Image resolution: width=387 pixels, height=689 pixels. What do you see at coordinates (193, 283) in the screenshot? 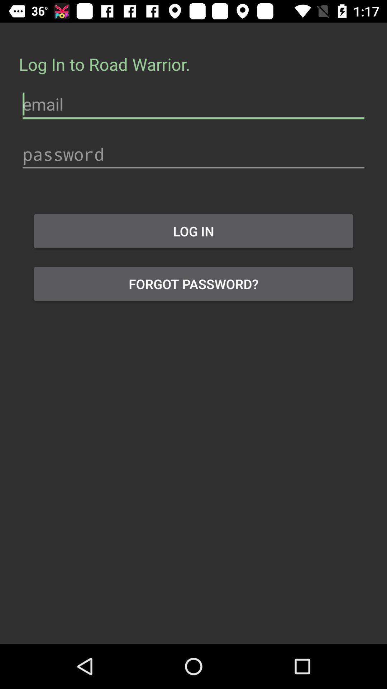
I see `item below the log in` at bounding box center [193, 283].